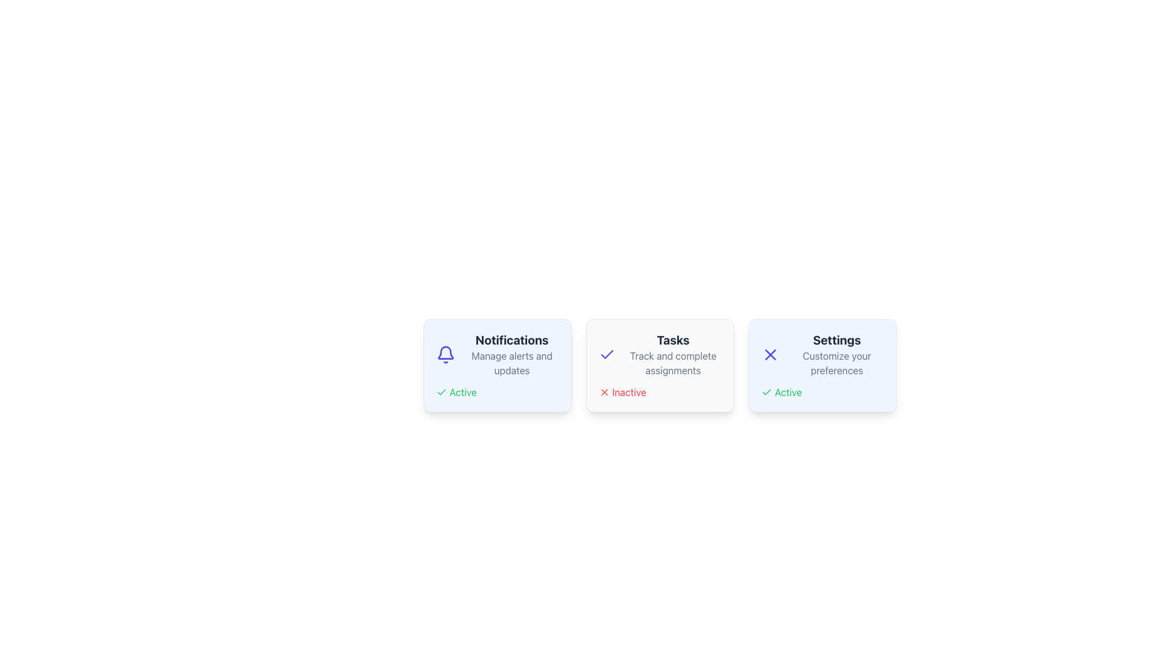 Image resolution: width=1162 pixels, height=654 pixels. I want to click on the first card component in the grid layout, which features a light blue background, a bell icon, bold 'Notifications' text, and an 'Active' label with a check icon, so click(497, 365).